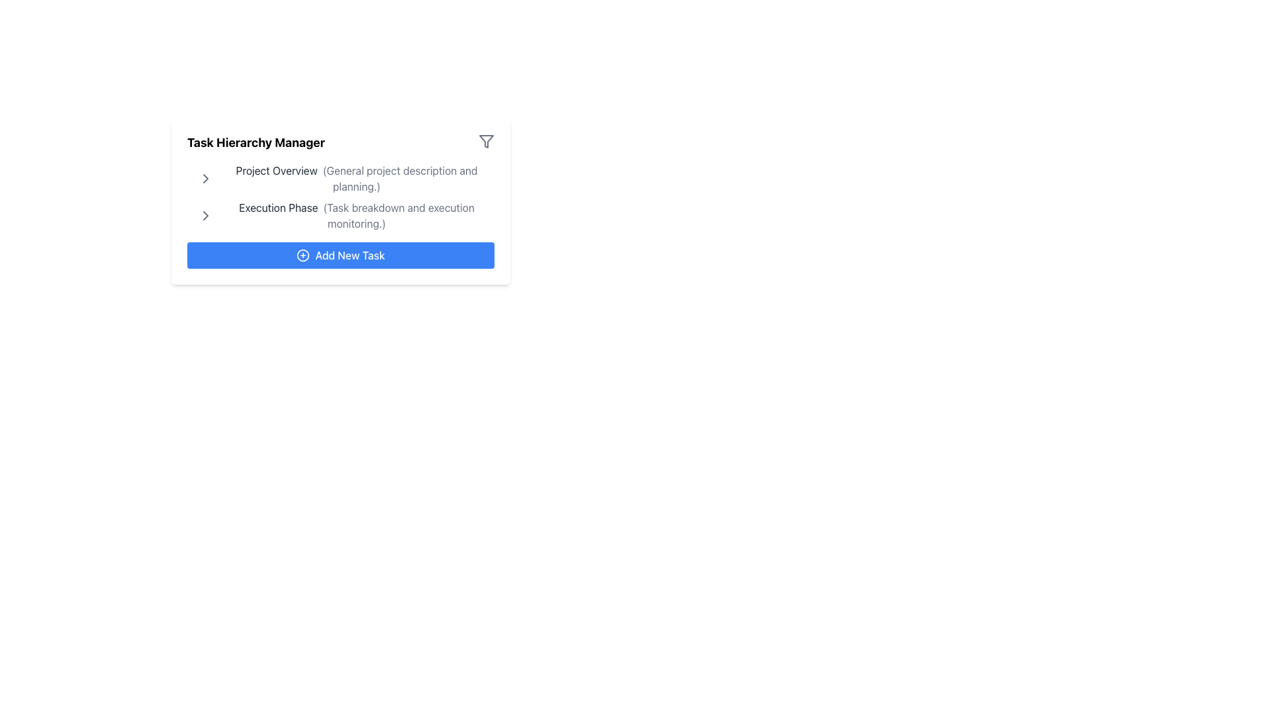 This screenshot has height=715, width=1271. I want to click on the circular icon containing a plus sign within the 'Add New Task' button, so click(303, 255).